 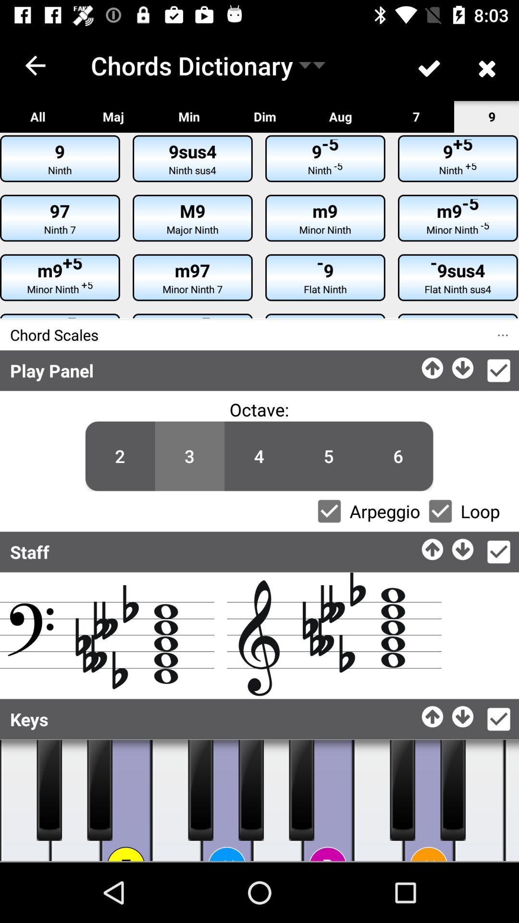 I want to click on go down option, so click(x=463, y=547).